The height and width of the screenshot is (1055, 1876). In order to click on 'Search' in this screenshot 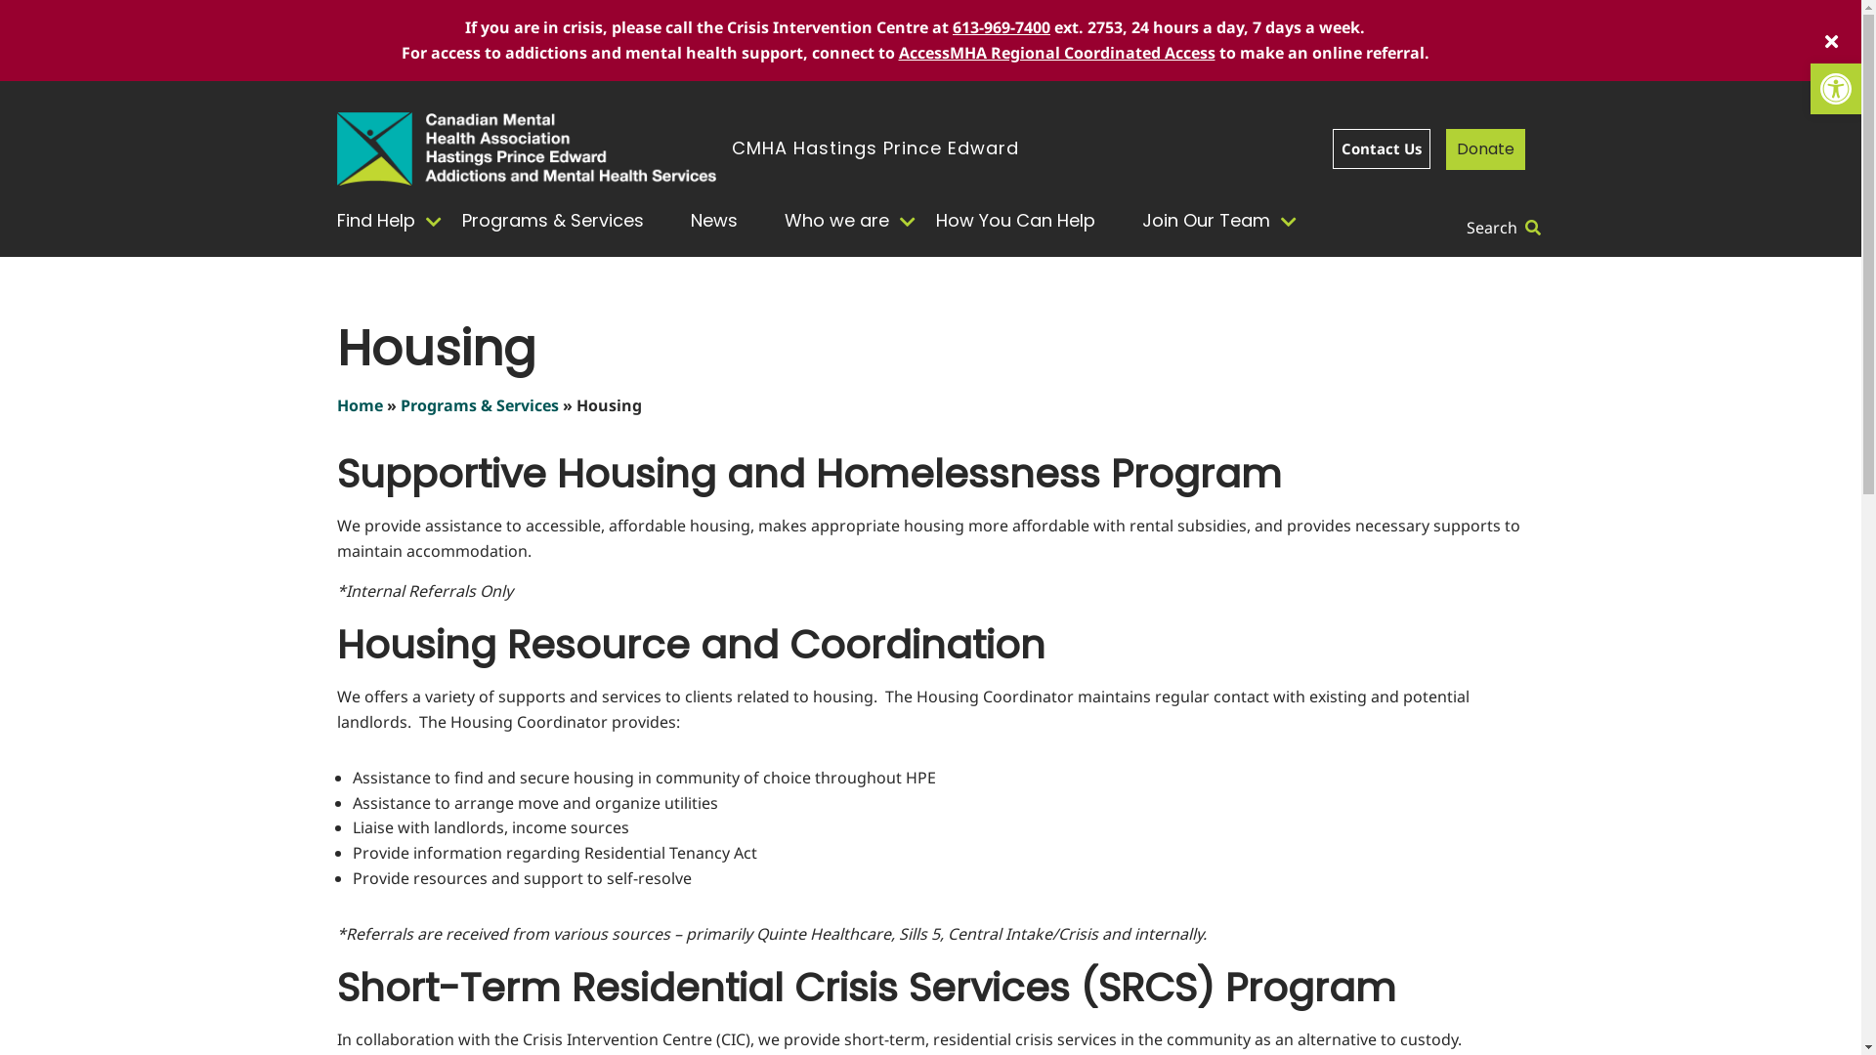, I will do `click(1465, 226)`.